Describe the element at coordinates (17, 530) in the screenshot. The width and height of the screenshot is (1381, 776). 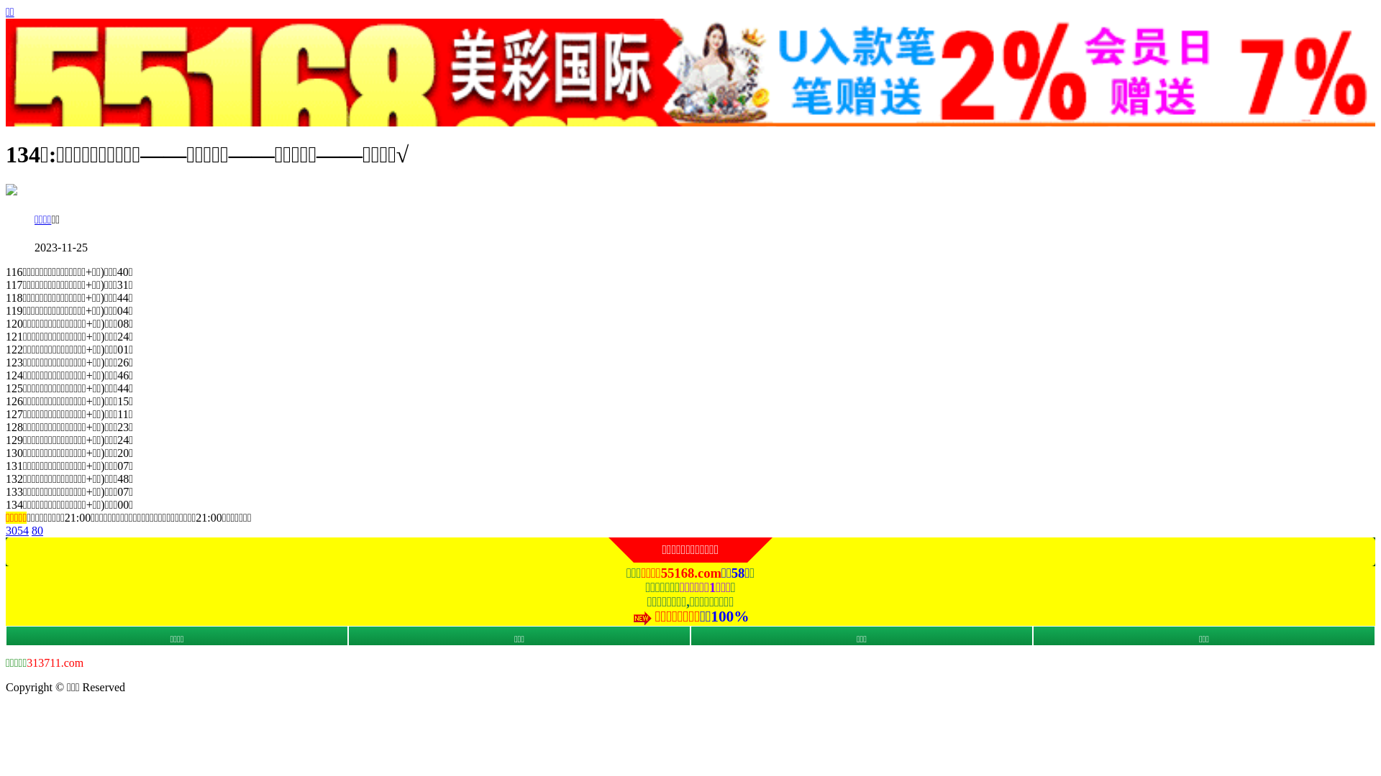
I see `'3054'` at that location.